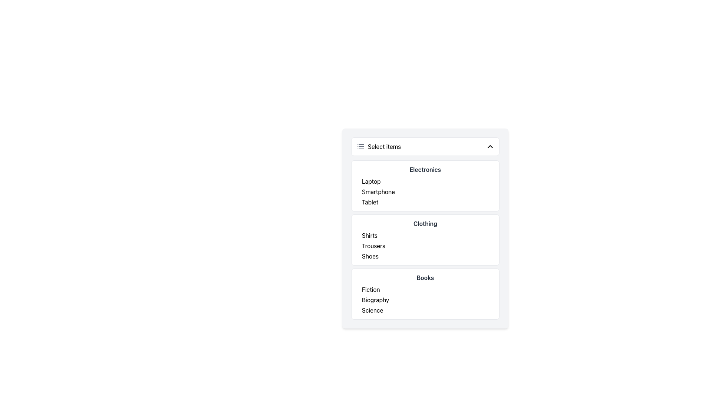 Image resolution: width=712 pixels, height=400 pixels. Describe the element at coordinates (428, 300) in the screenshot. I see `the 'Biography' list item element, which is the second item under the 'Books' category in the selection menu` at that location.